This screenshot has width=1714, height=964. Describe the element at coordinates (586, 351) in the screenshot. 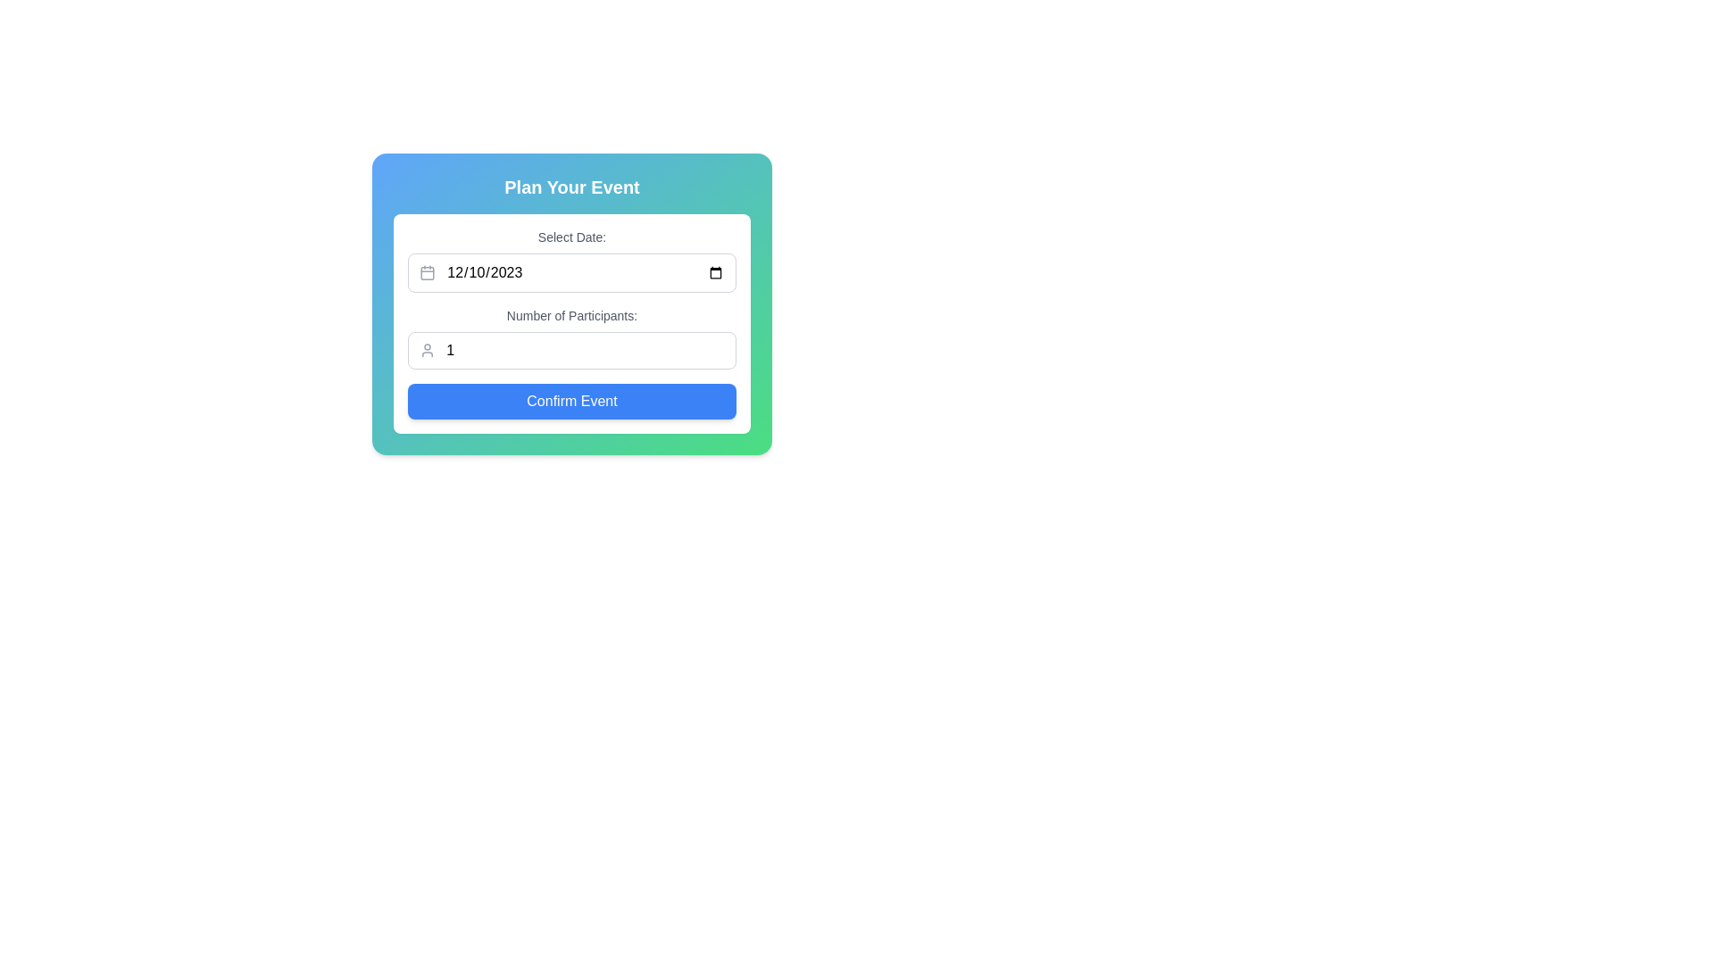

I see `the numeric input field displaying the number '1' to focus on it` at that location.